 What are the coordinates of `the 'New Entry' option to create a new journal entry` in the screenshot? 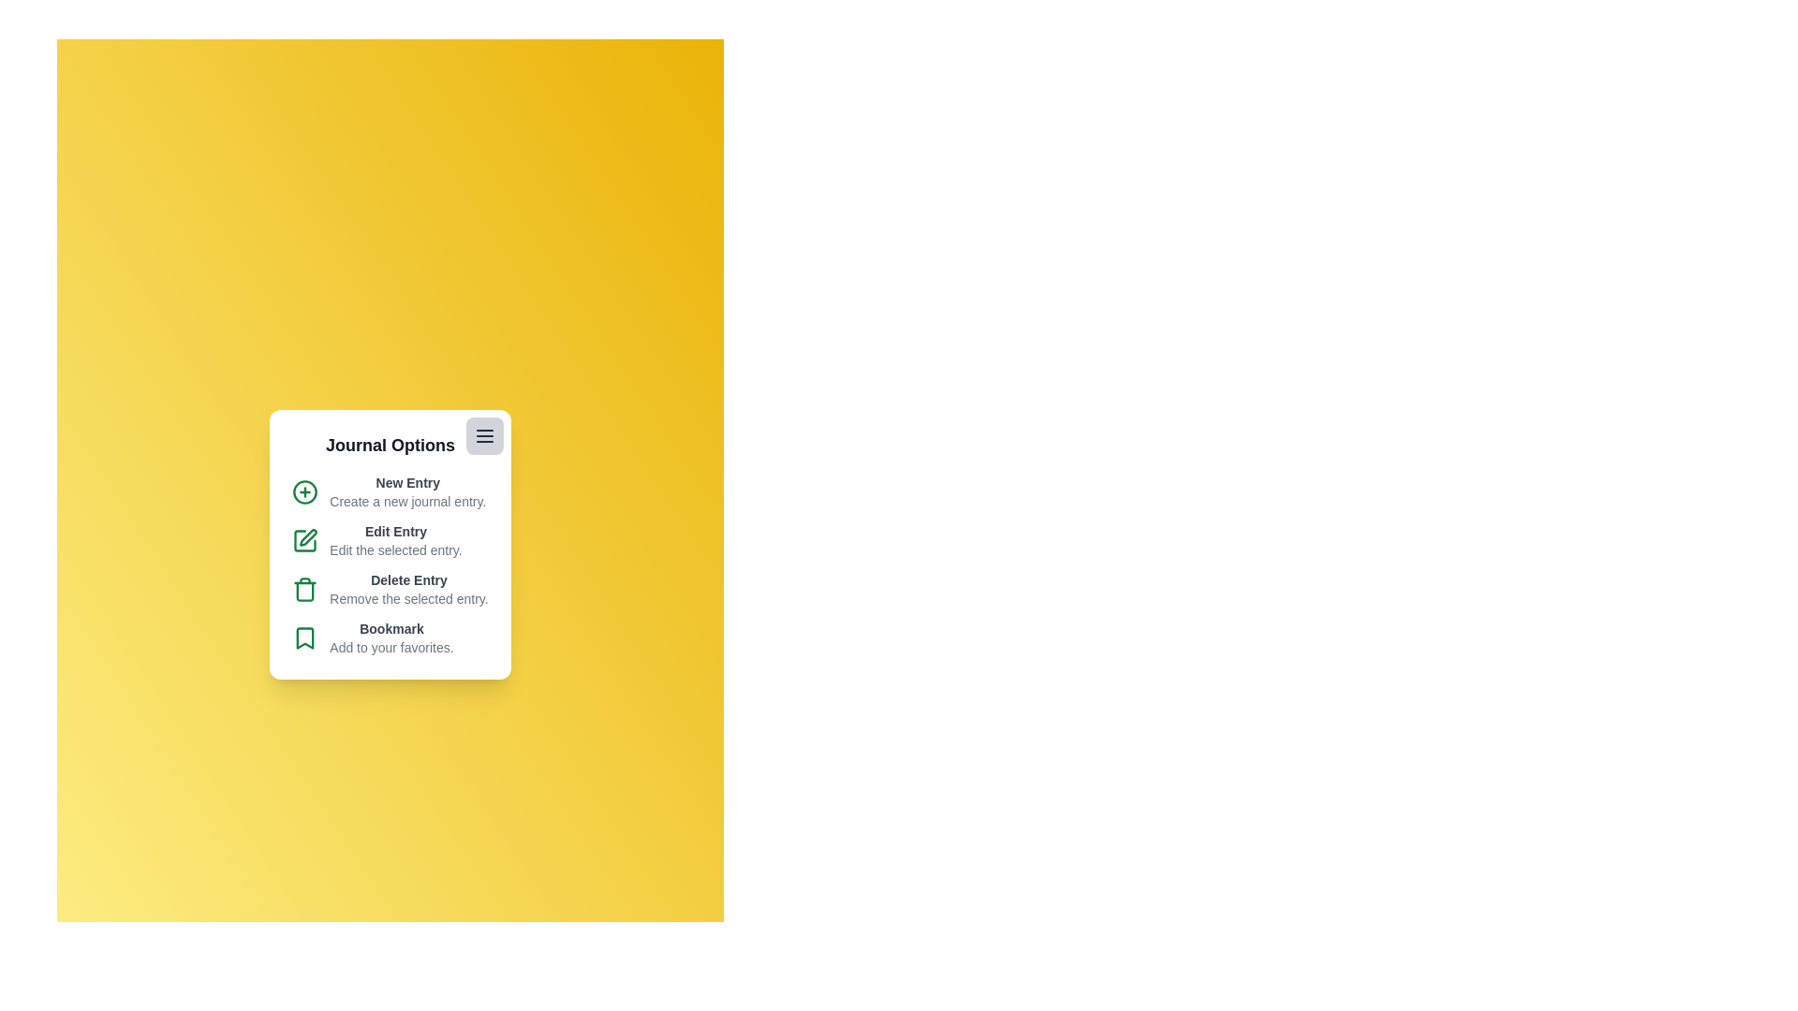 It's located at (406, 482).